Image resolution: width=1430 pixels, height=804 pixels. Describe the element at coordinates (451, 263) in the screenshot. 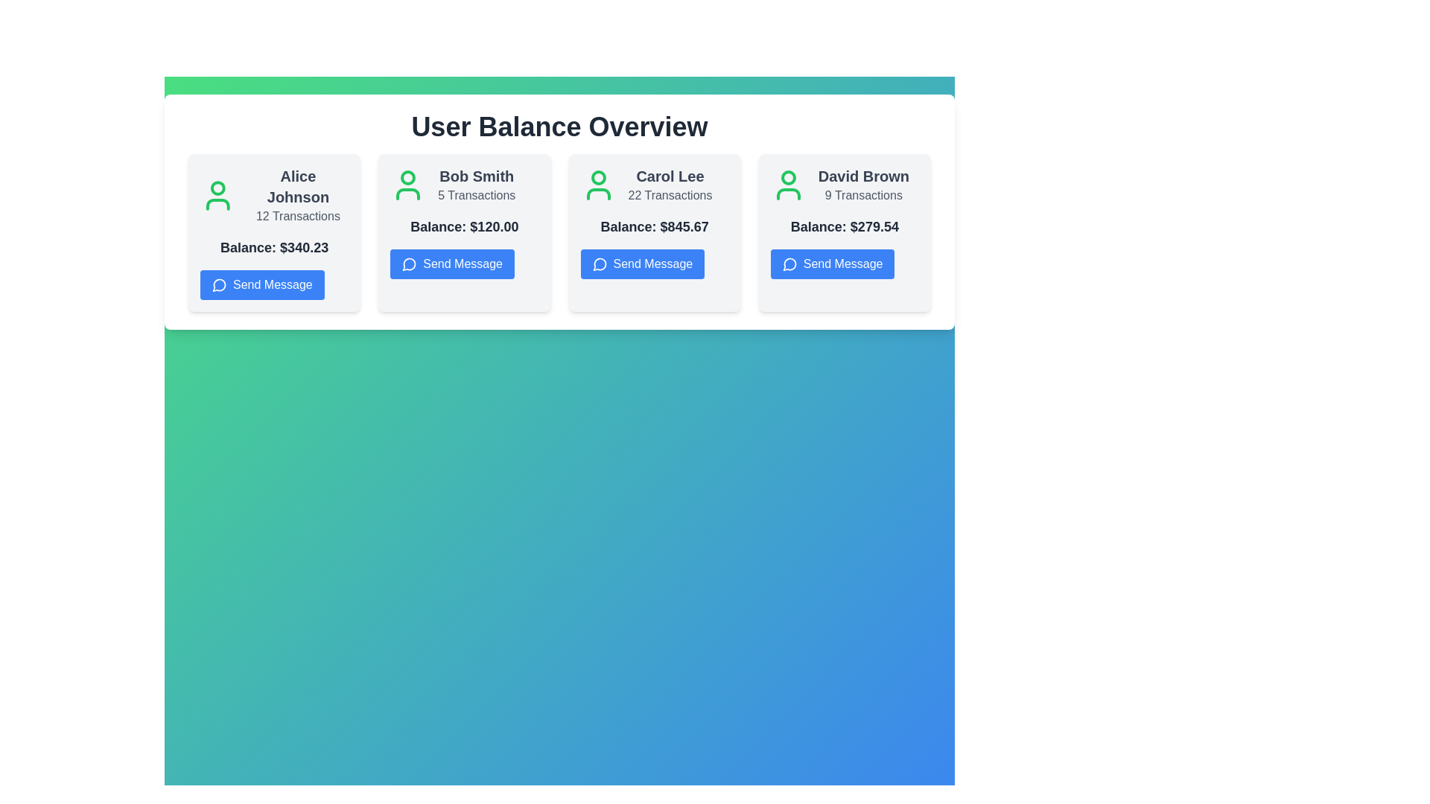

I see `the 'Send Message' button with a bright blue background and white text located within the 'Bob Smith' card` at that location.